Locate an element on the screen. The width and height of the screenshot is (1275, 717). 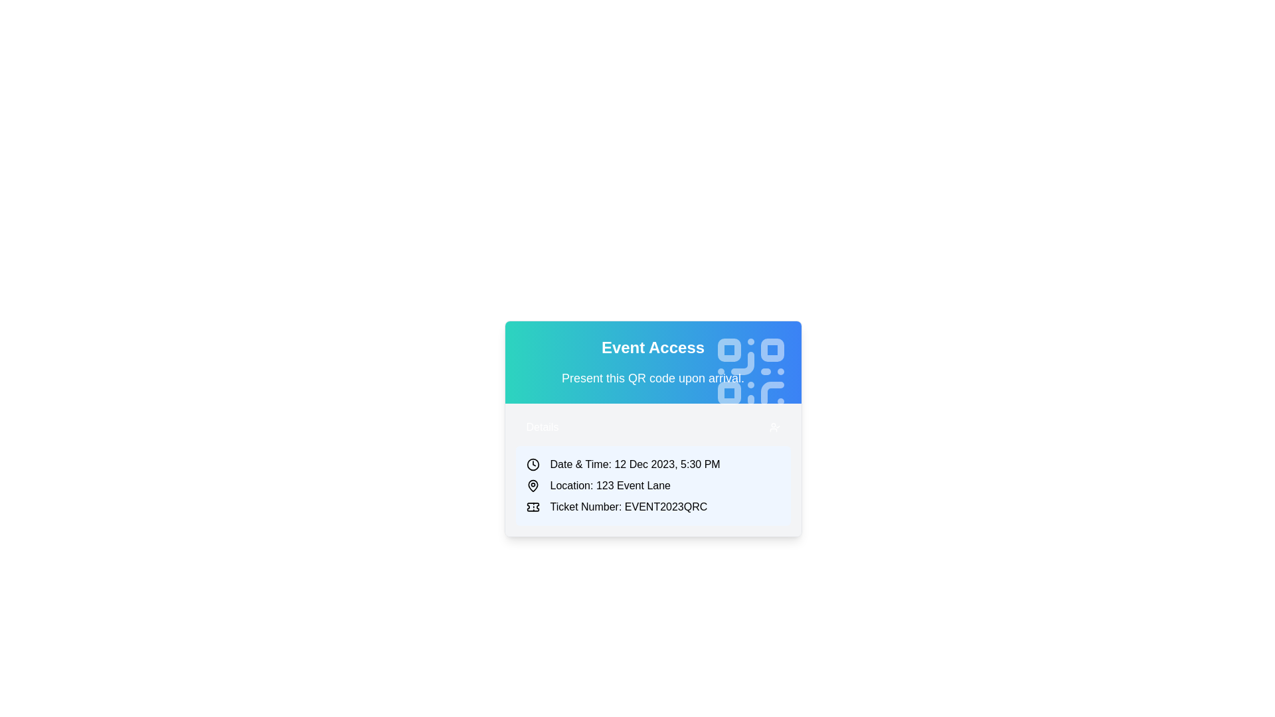
the third graphical rectangle element in the bottom-left corner of the QR code grouping, which contributes to the QR code representation is located at coordinates (728, 392).